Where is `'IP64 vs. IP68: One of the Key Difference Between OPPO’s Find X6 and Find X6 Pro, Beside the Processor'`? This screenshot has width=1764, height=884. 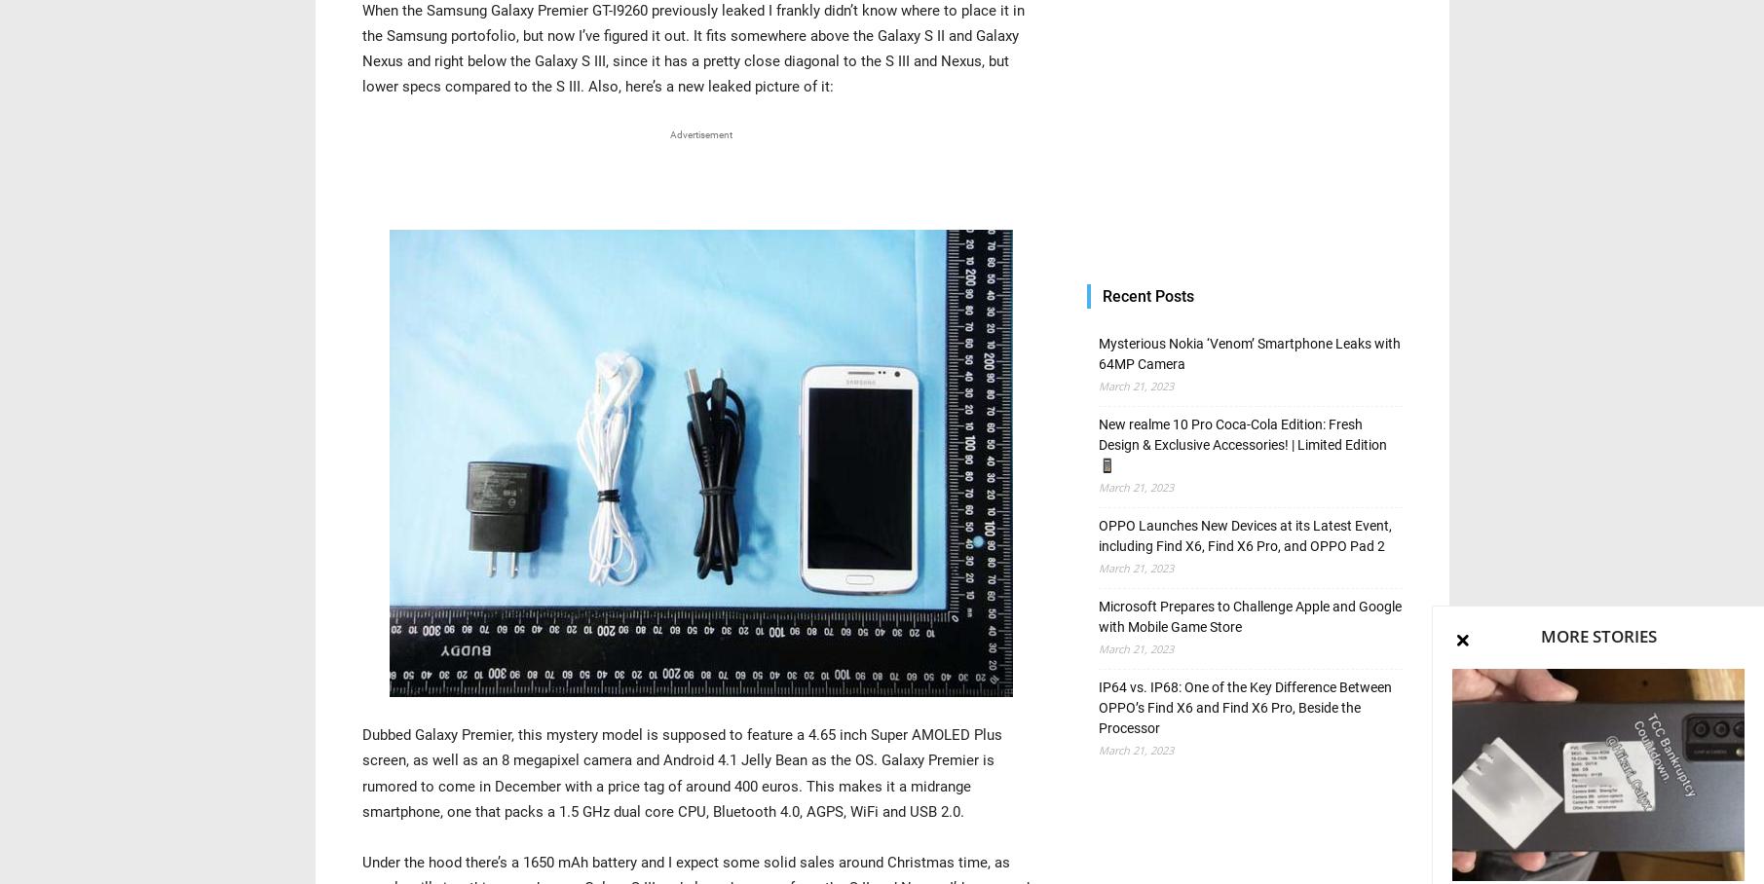
'IP64 vs. IP68: One of the Key Difference Between OPPO’s Find X6 and Find X6 Pro, Beside the Processor' is located at coordinates (1096, 708).